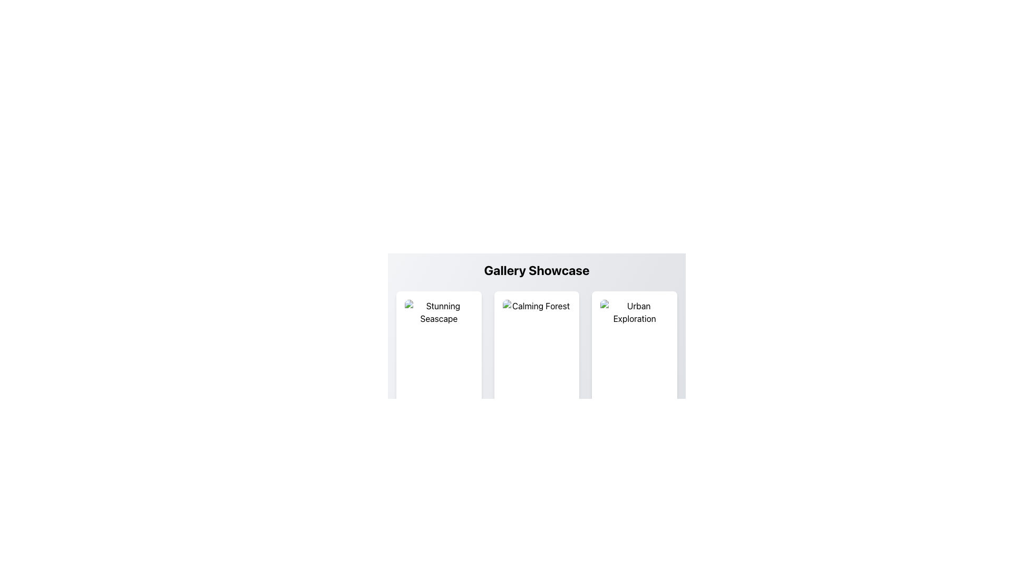  I want to click on the 'Calming Forest' image, so click(537, 358).